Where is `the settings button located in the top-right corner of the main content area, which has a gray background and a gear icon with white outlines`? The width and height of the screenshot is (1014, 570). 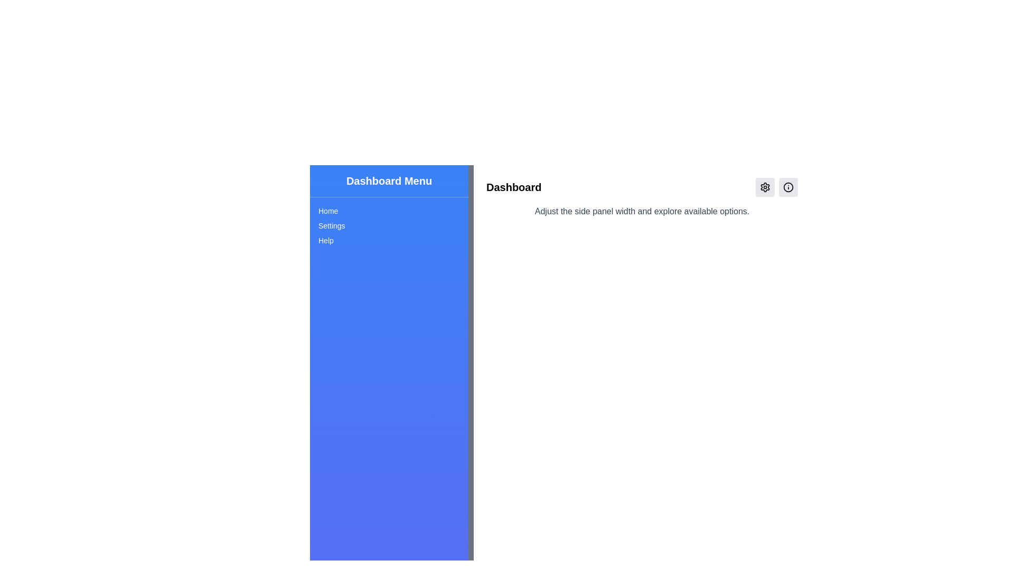
the settings button located in the top-right corner of the main content area, which has a gray background and a gear icon with white outlines is located at coordinates (765, 186).